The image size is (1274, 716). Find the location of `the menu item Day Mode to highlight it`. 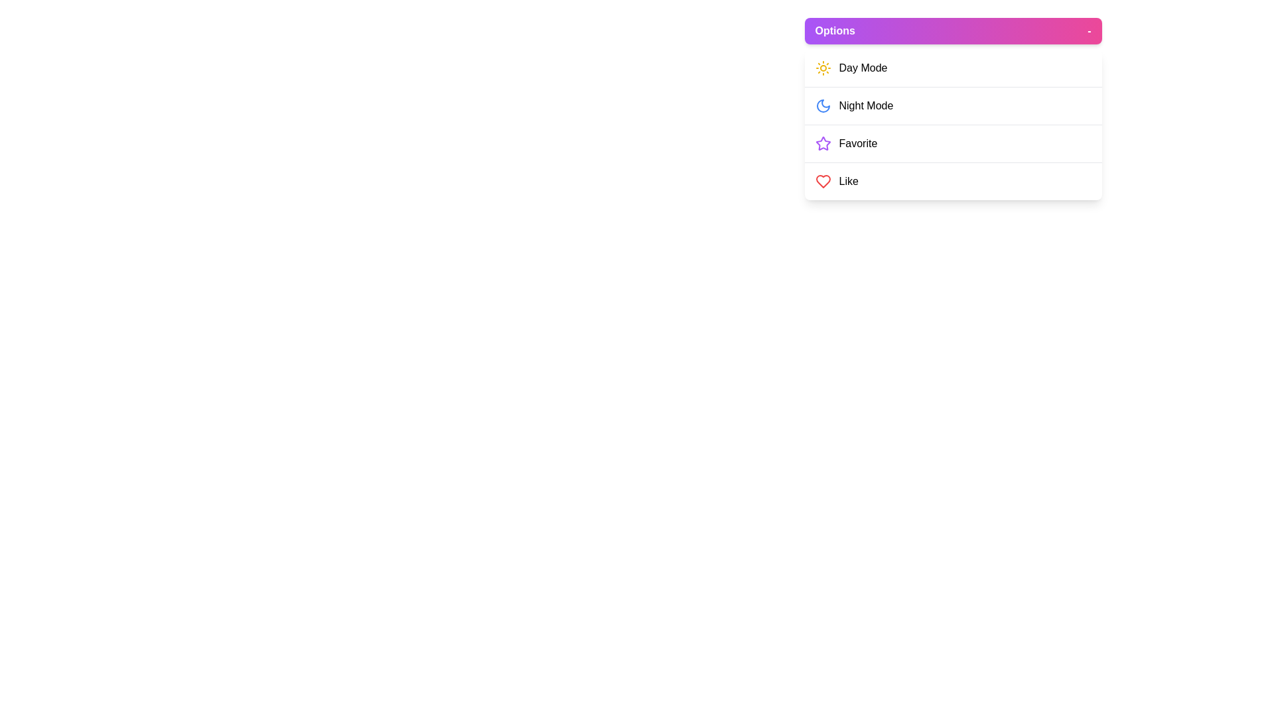

the menu item Day Mode to highlight it is located at coordinates (952, 68).